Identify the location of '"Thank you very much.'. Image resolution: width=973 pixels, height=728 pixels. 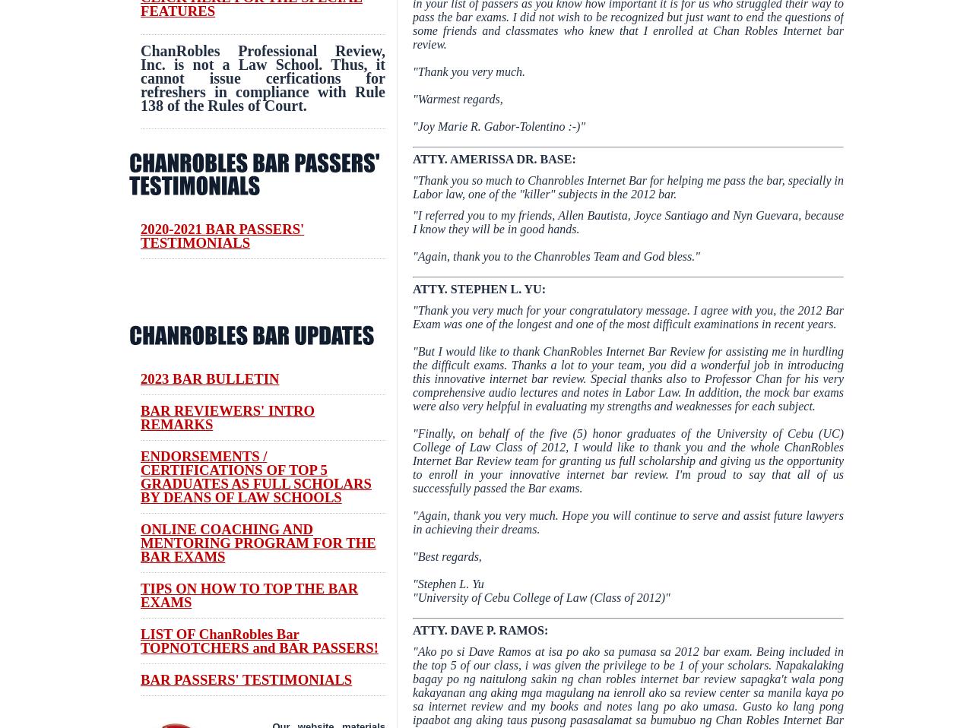
(467, 71).